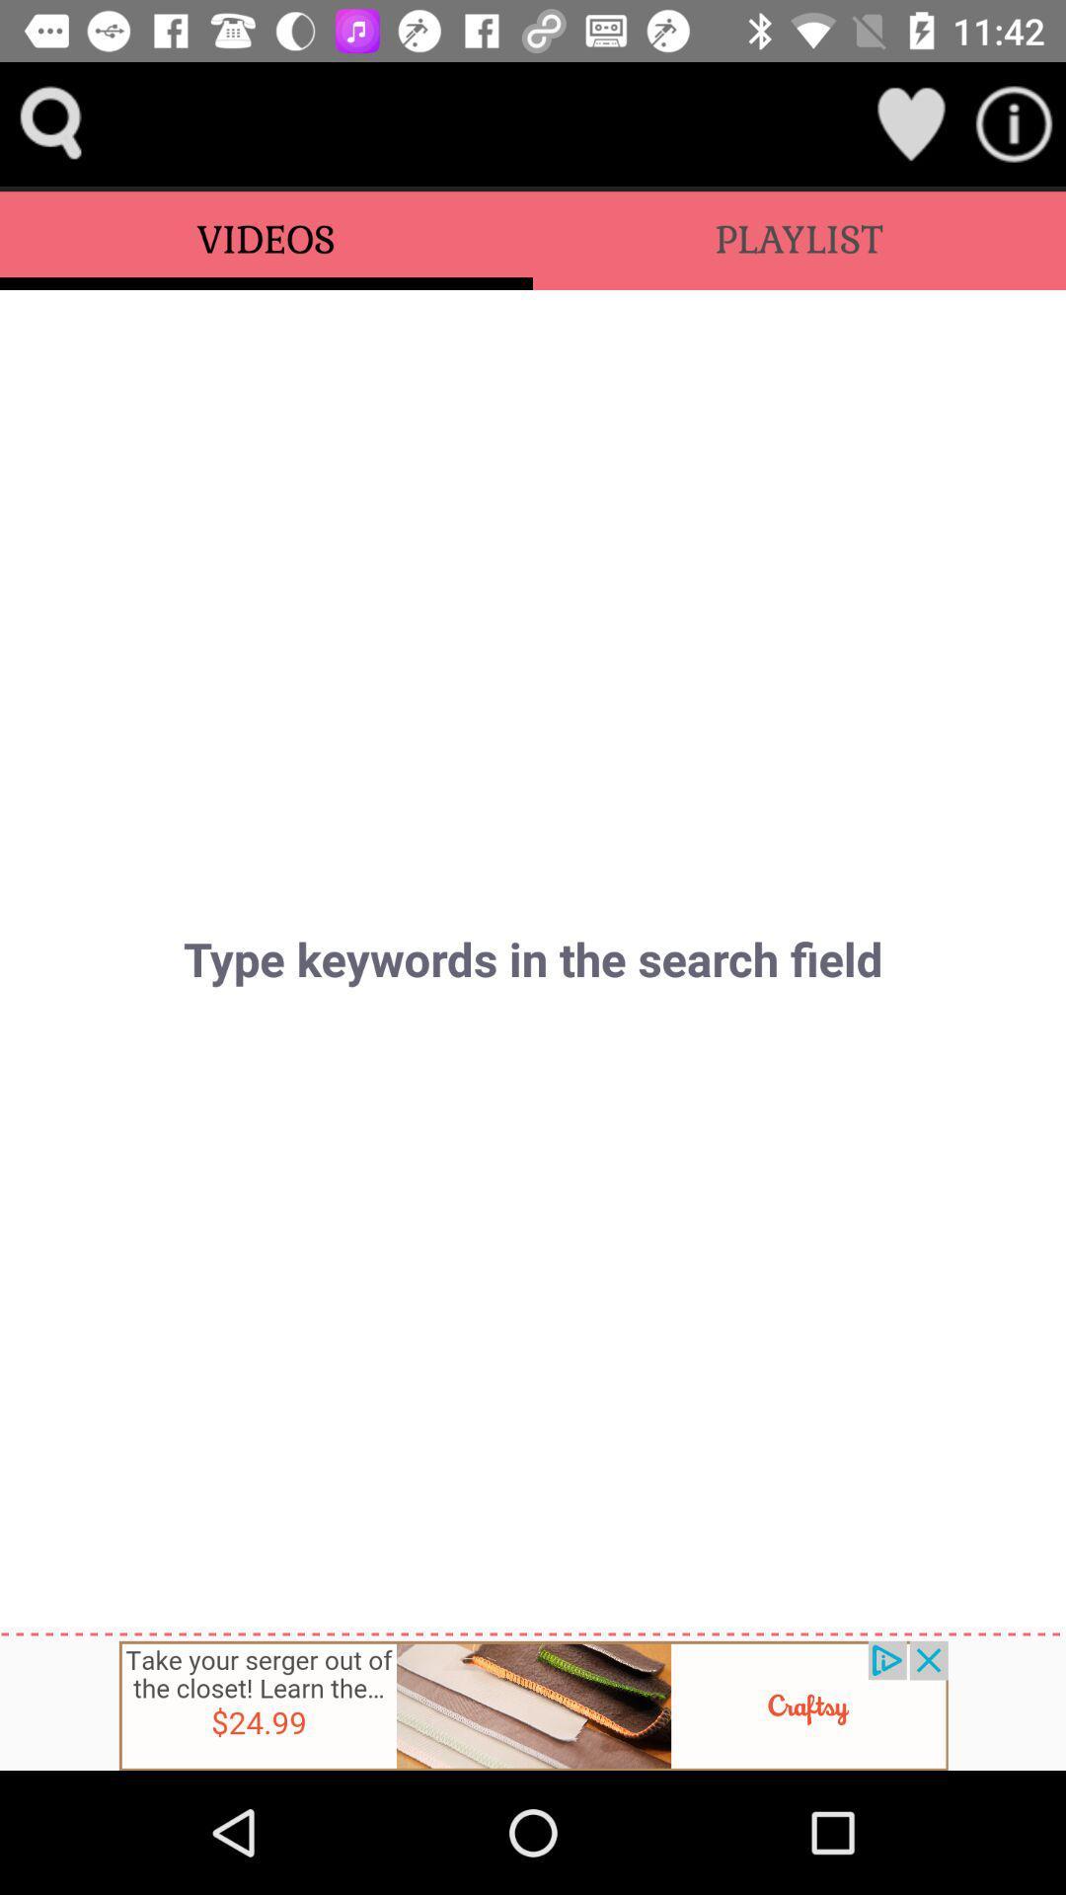 This screenshot has width=1066, height=1895. I want to click on the warning button, so click(1014, 122).